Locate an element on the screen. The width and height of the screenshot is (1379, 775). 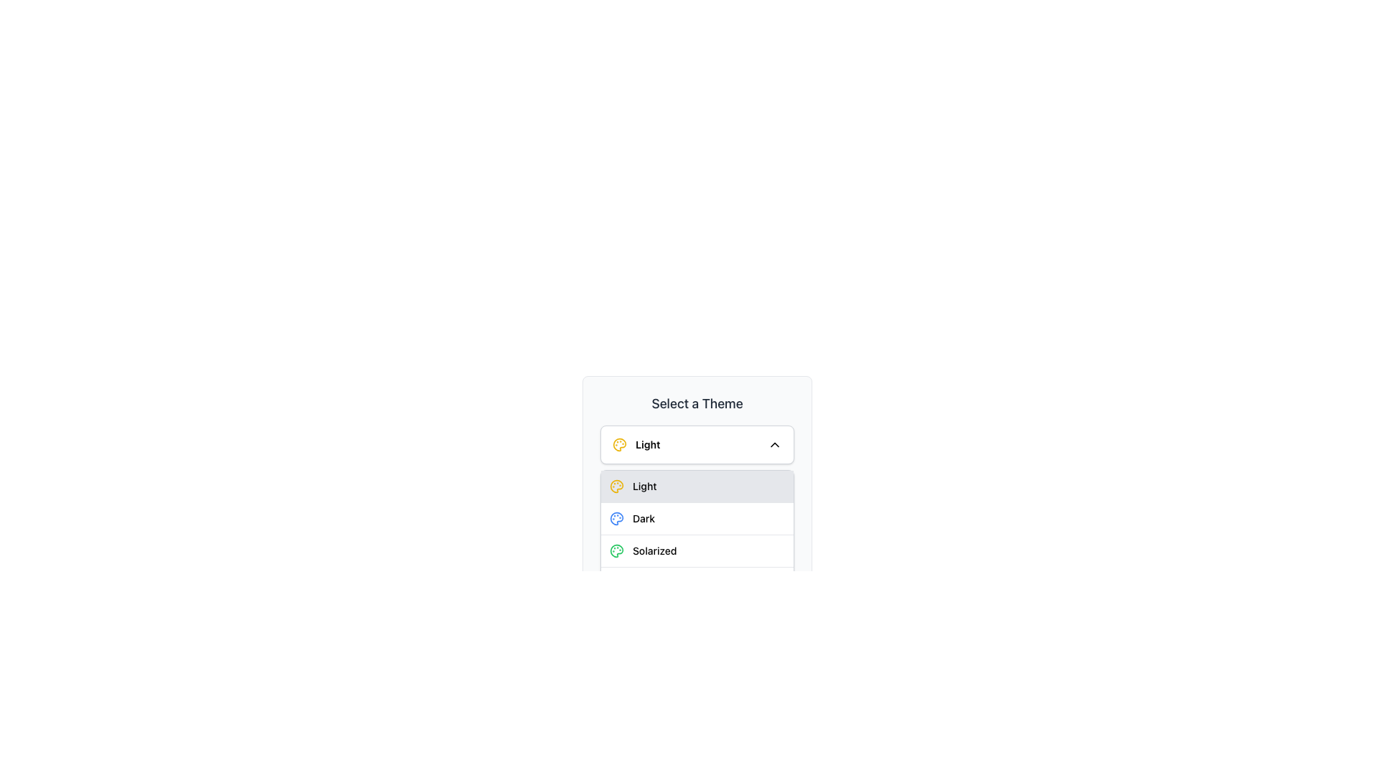
the Dropdown Button located directly below the 'Select a Theme' heading for keyboard interaction is located at coordinates (697, 444).